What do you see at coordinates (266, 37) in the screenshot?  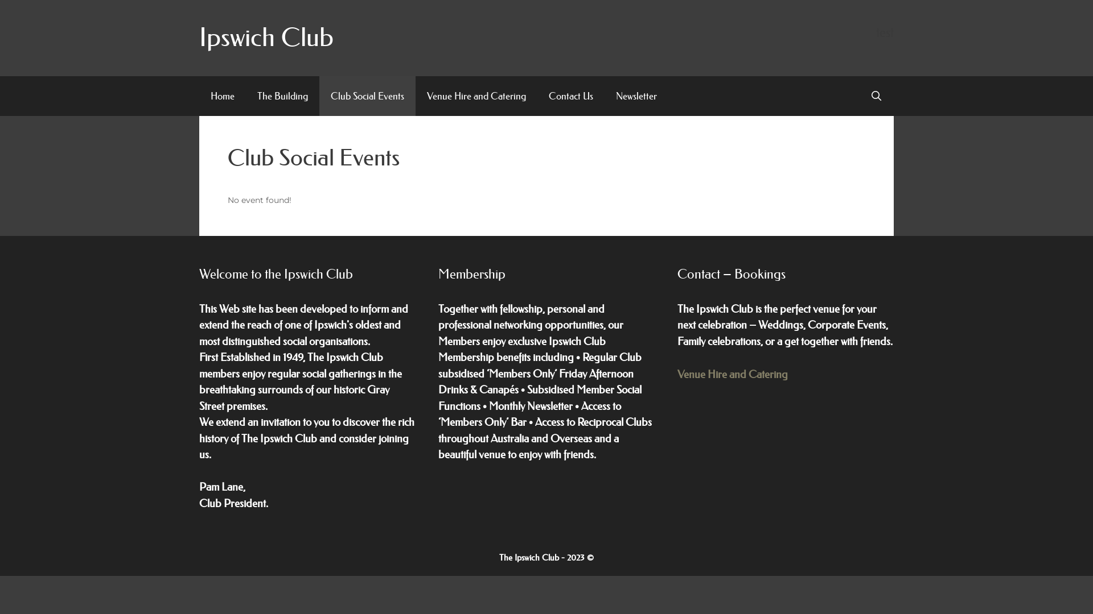 I see `'Ipswich Club'` at bounding box center [266, 37].